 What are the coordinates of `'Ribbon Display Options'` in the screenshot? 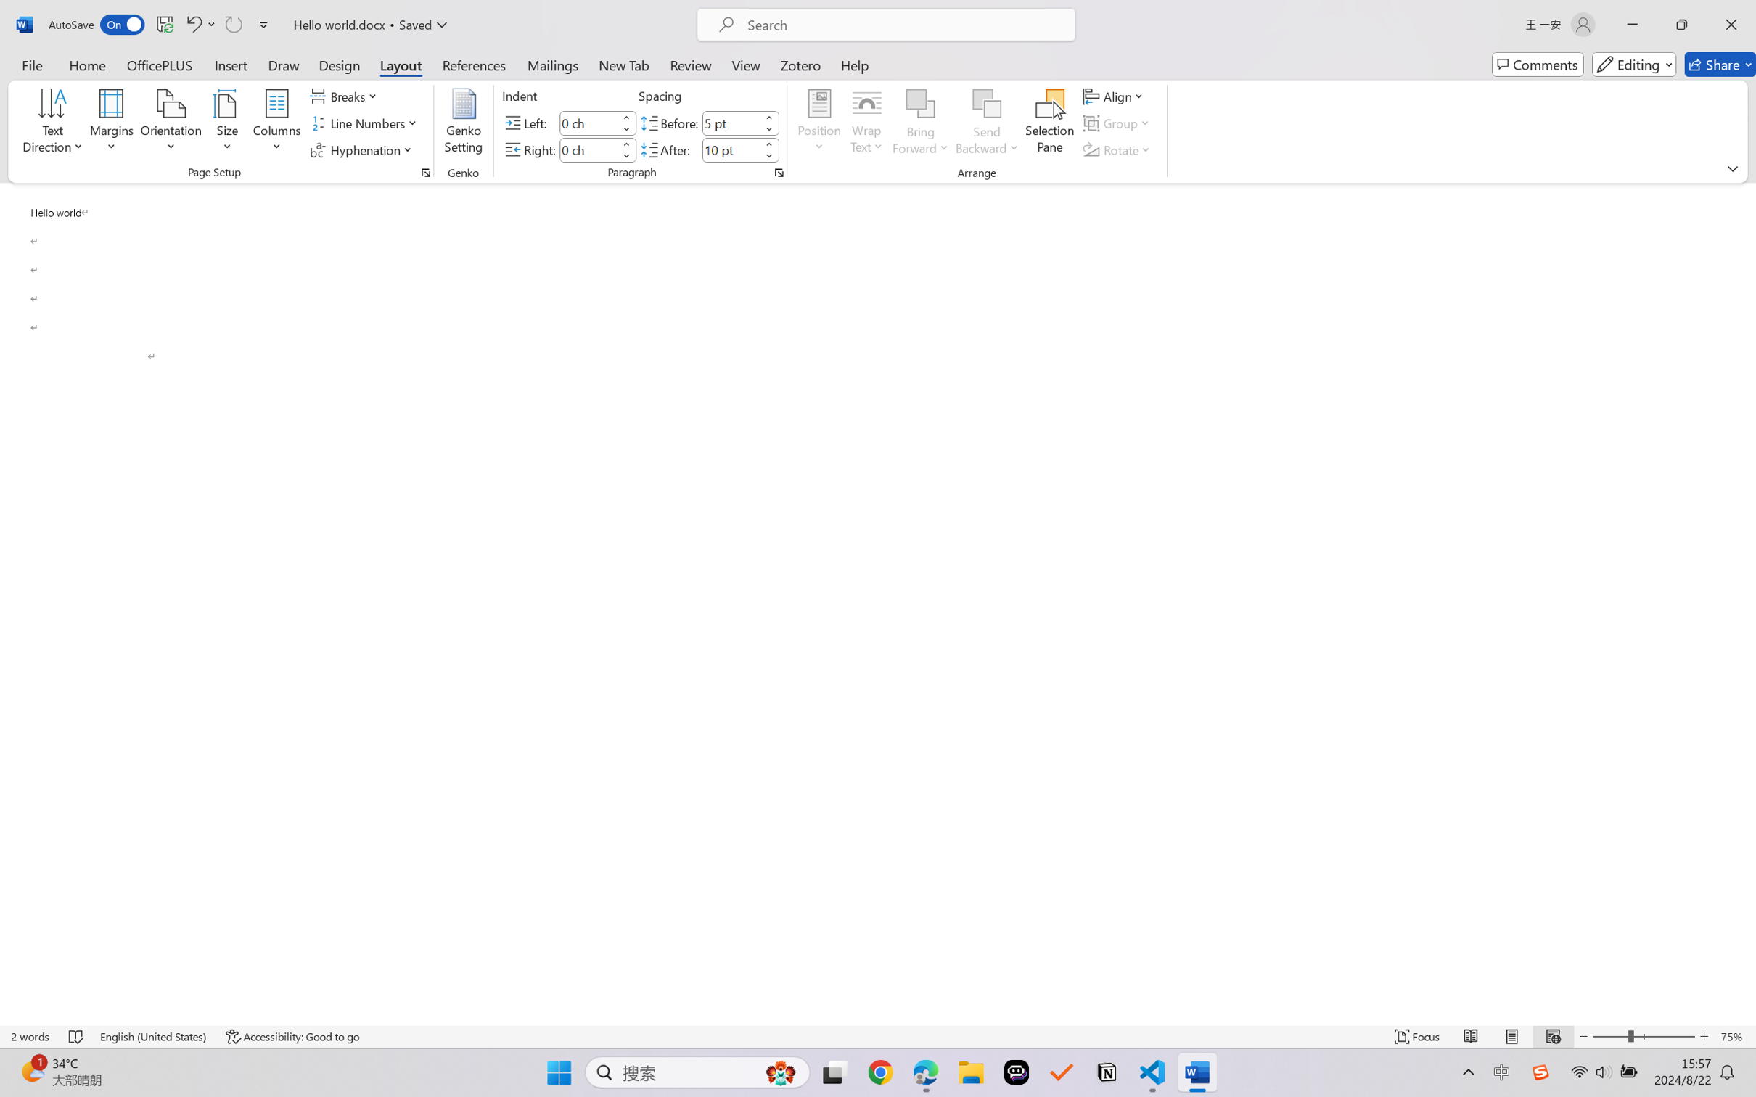 It's located at (1732, 168).